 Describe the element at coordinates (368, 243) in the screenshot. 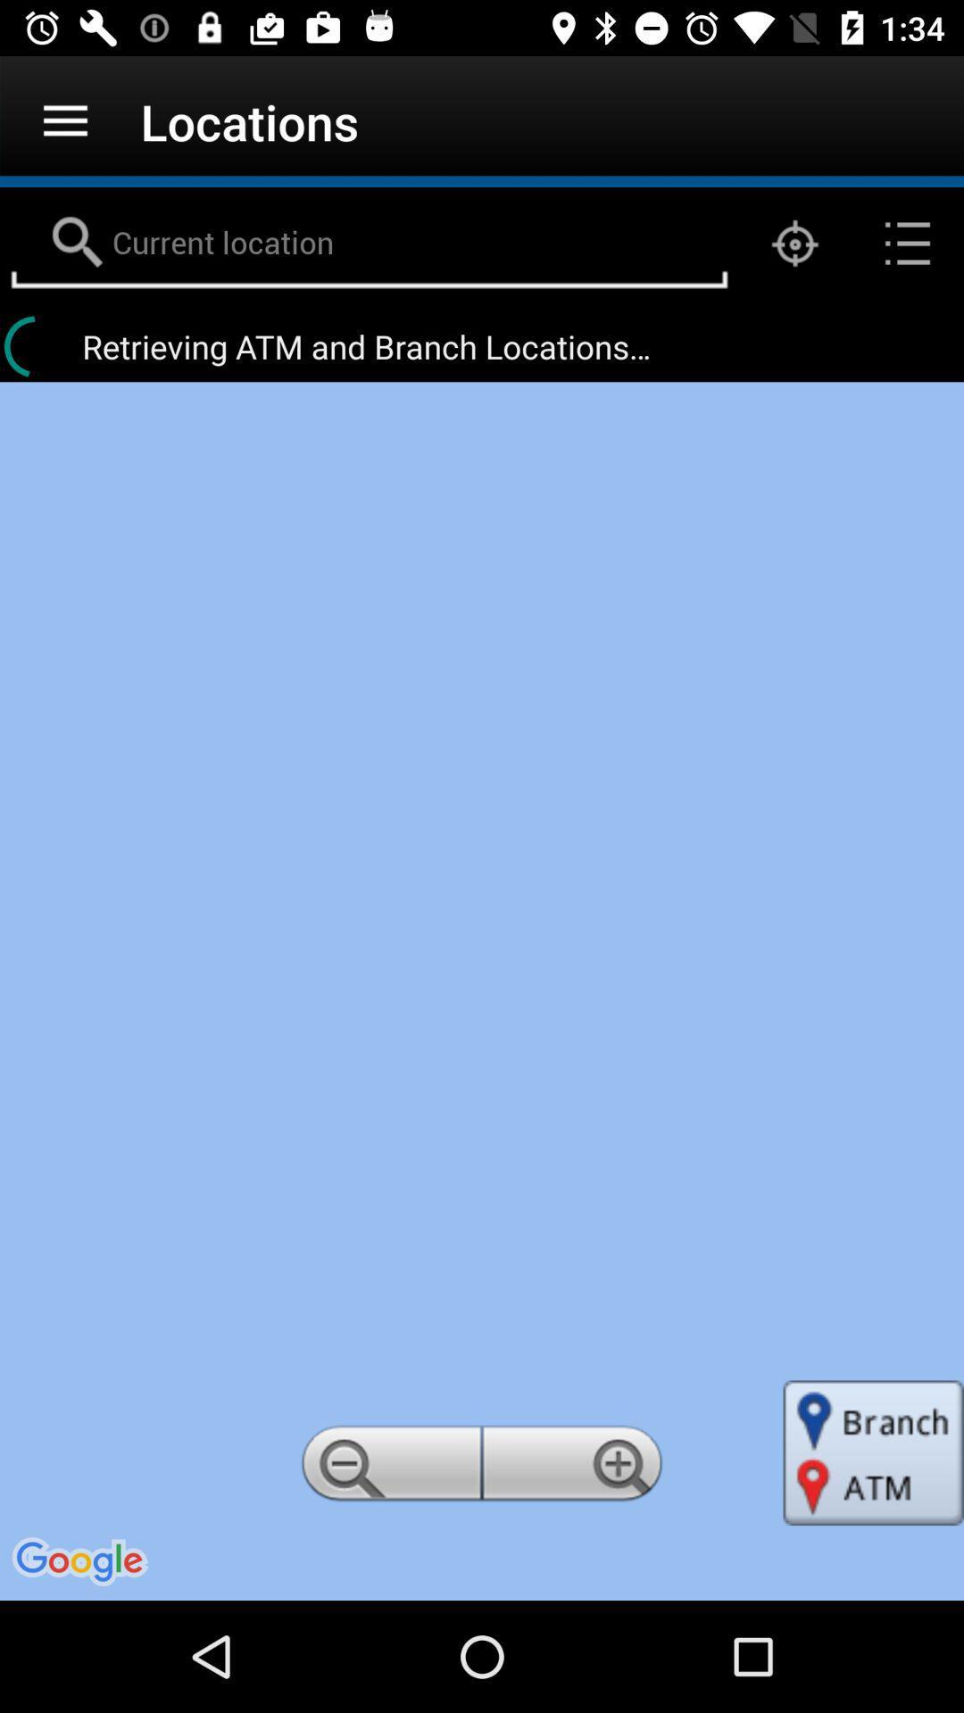

I see `ender the current location box` at that location.